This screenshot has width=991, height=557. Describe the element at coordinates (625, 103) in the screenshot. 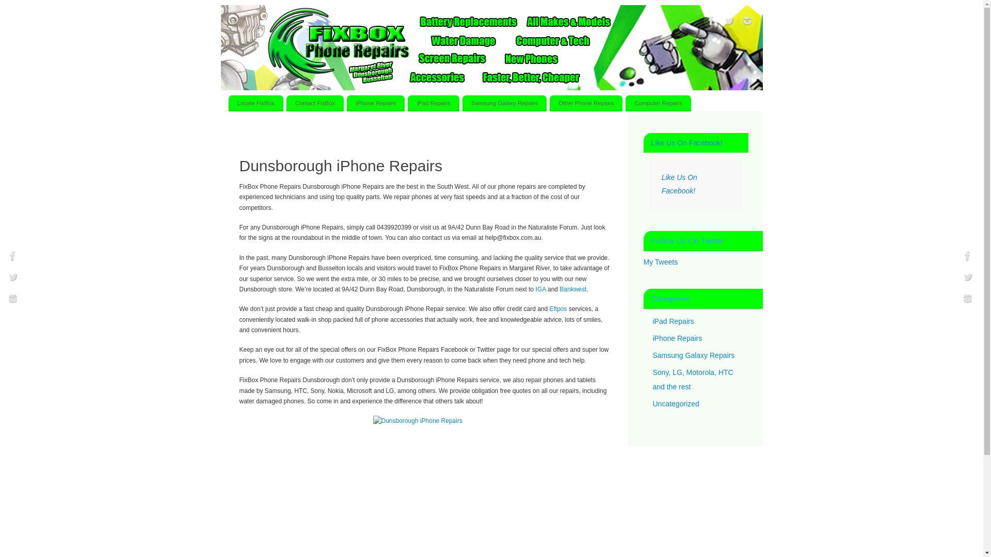

I see `'Computer Repairs'` at that location.